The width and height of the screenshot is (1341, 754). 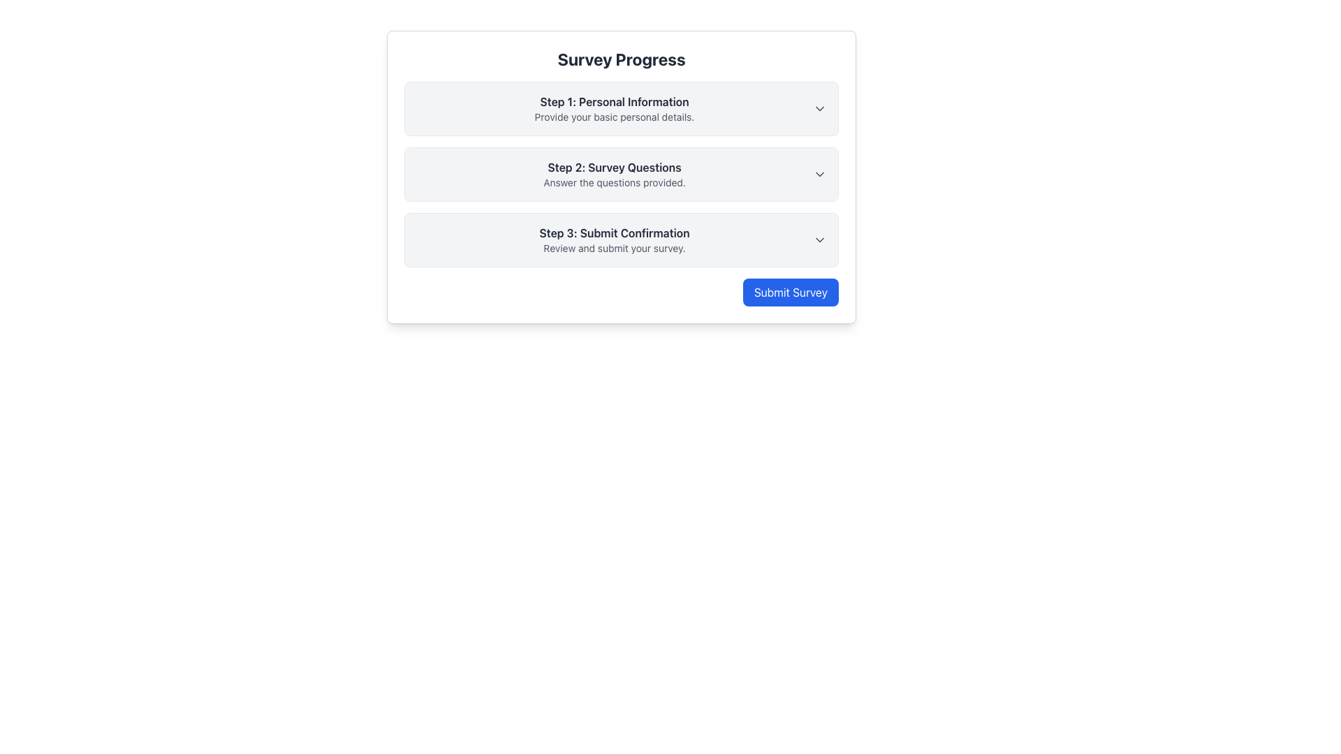 I want to click on the Collapsible section header for 'Survey Questions', which is the second item in the survey progress form, so click(x=620, y=174).